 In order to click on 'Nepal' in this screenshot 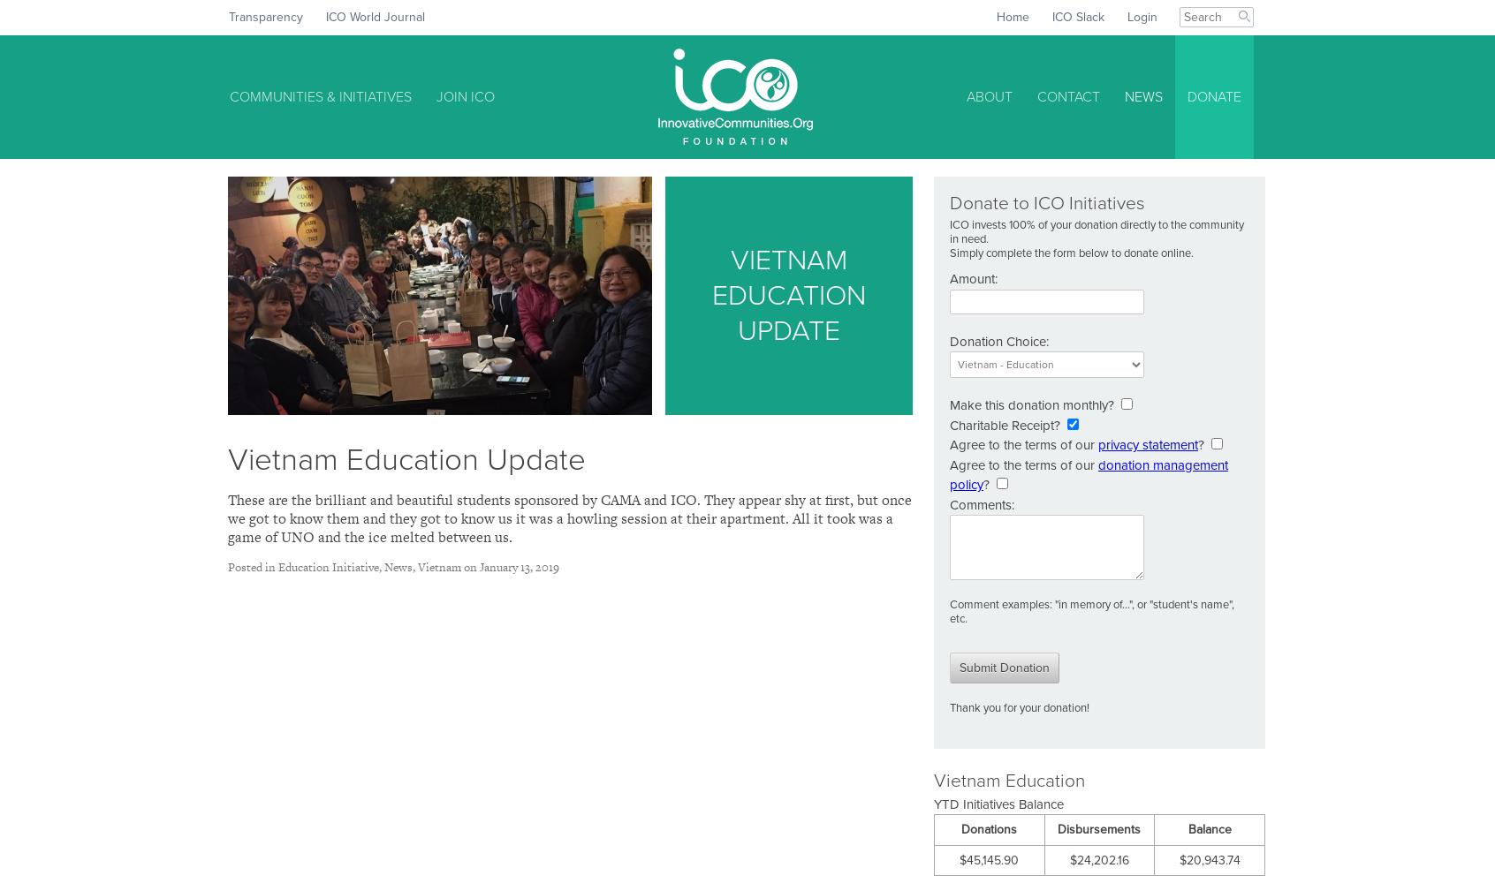, I will do `click(759, 184)`.